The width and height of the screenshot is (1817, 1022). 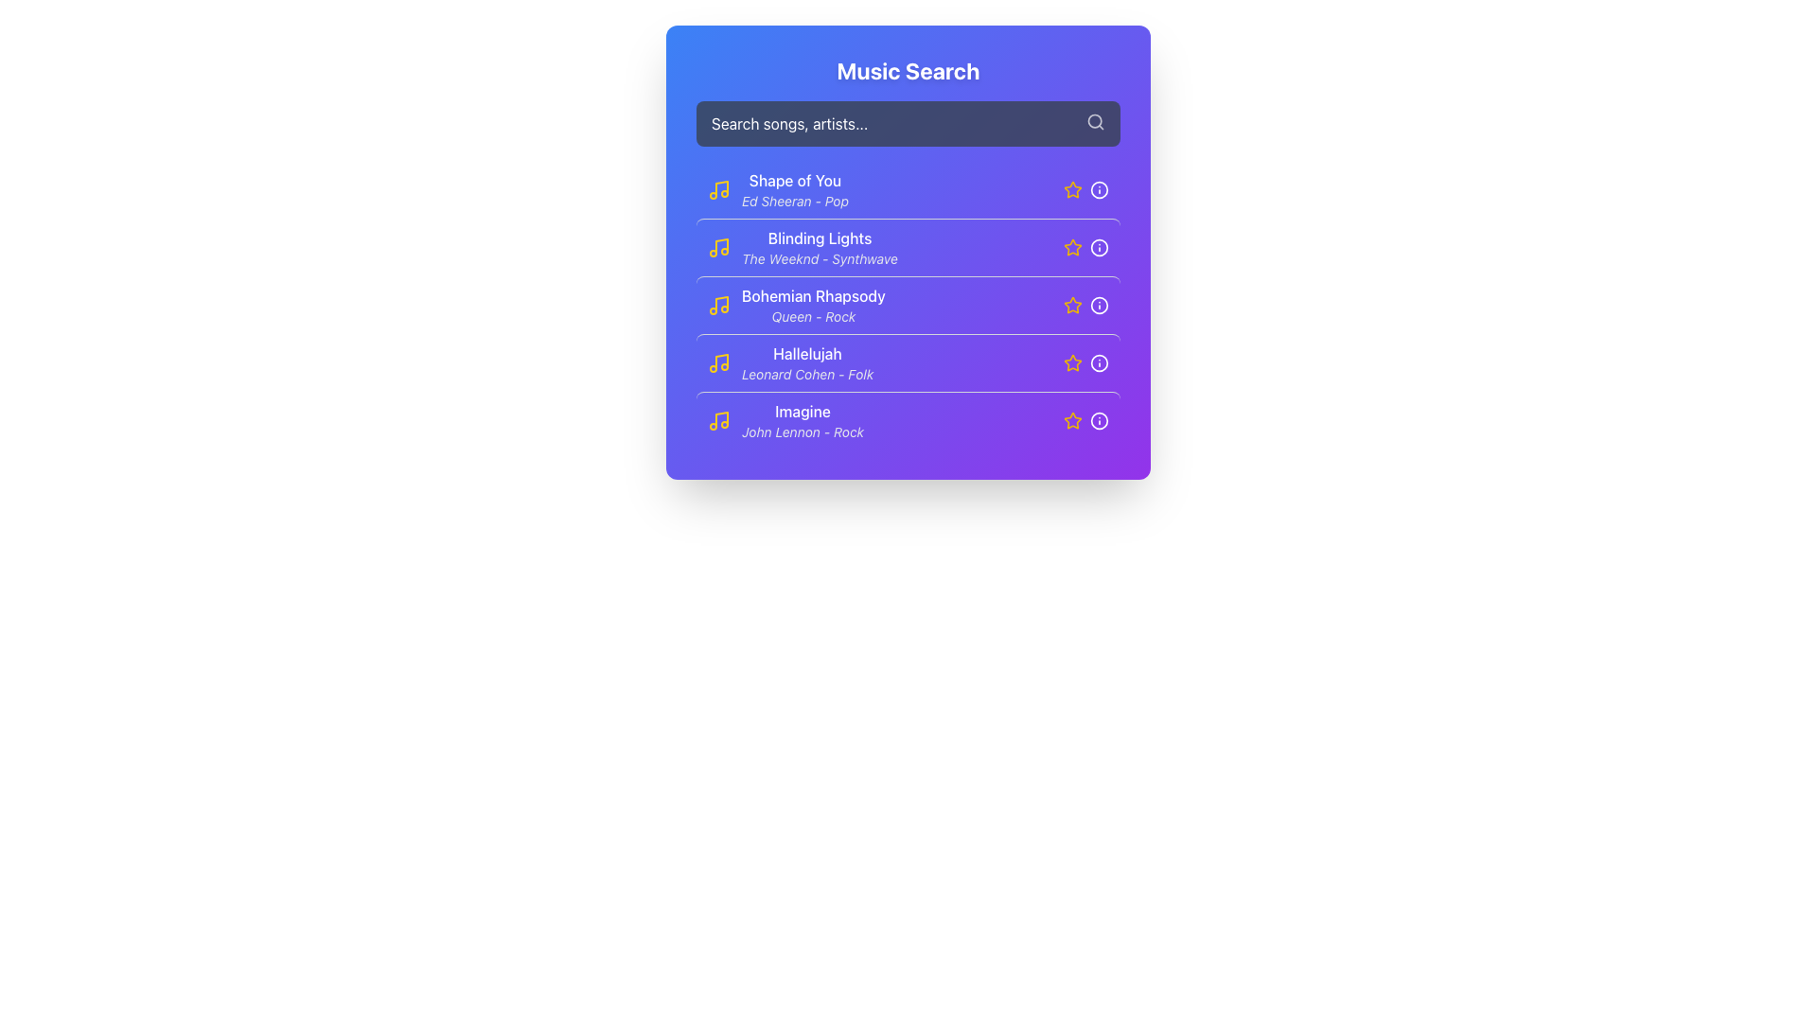 I want to click on the music note icon located to the left of the text 'Blinding Lights' in the song list, so click(x=721, y=244).